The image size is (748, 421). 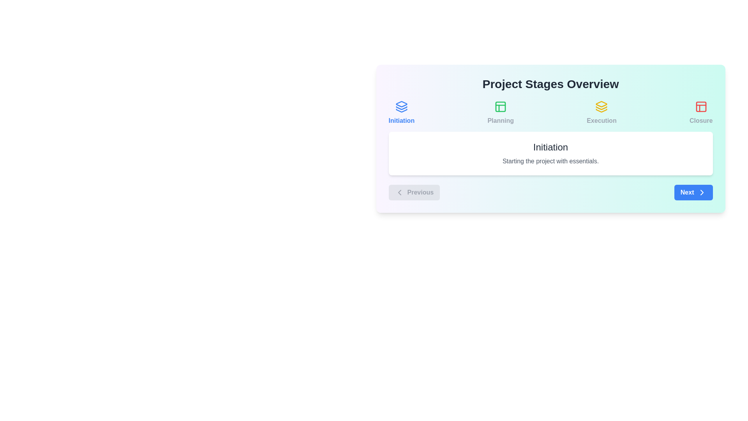 I want to click on the blue icon resembling stacked layers located in the header above the text 'Initiation', which is the first icon in the sequence of stage icons in the 'Project Stages Overview' section, so click(x=401, y=106).